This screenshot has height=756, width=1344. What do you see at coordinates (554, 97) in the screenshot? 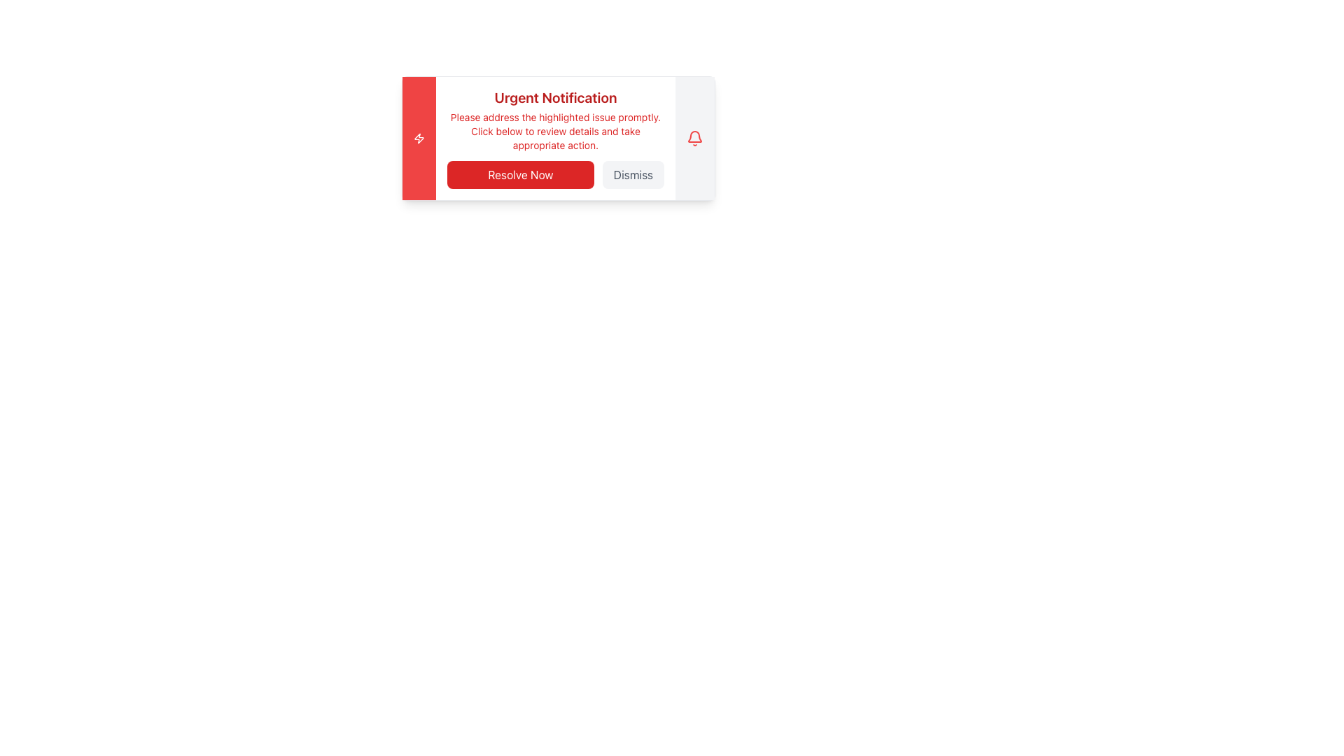
I see `the title text label at the top center of the notification card, which draws attention to the critical content below` at bounding box center [554, 97].